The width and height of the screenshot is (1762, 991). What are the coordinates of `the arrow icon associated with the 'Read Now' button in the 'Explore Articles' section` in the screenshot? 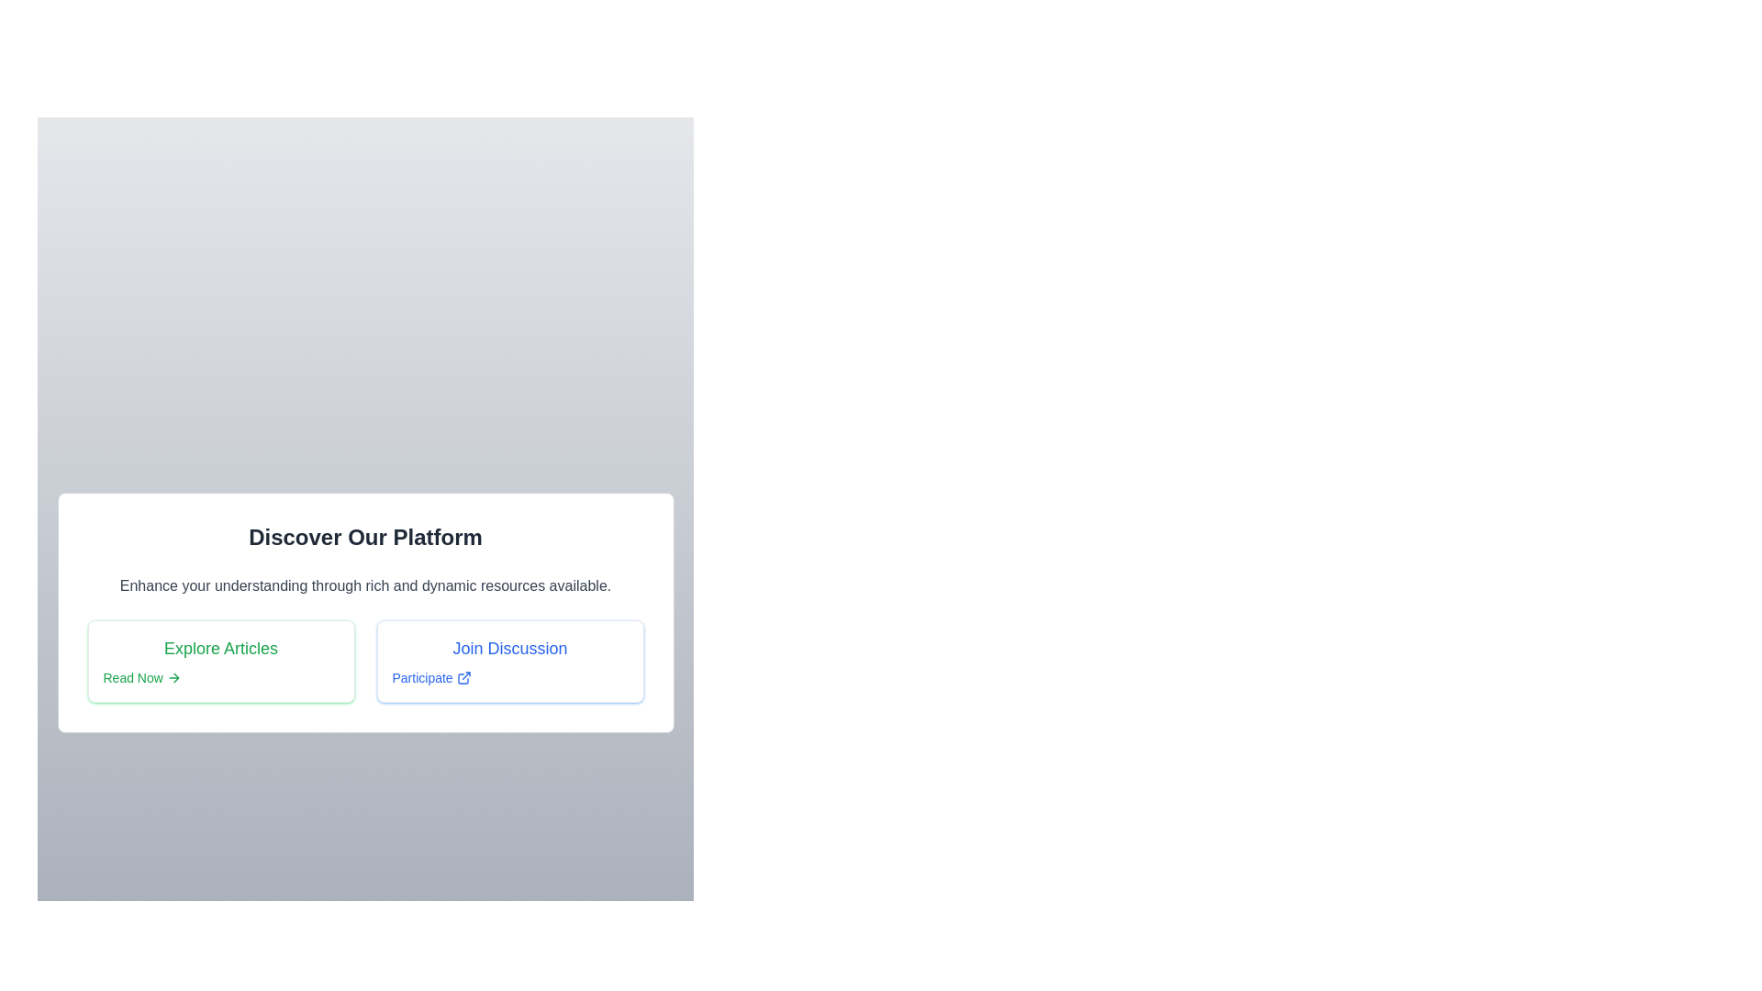 It's located at (173, 678).